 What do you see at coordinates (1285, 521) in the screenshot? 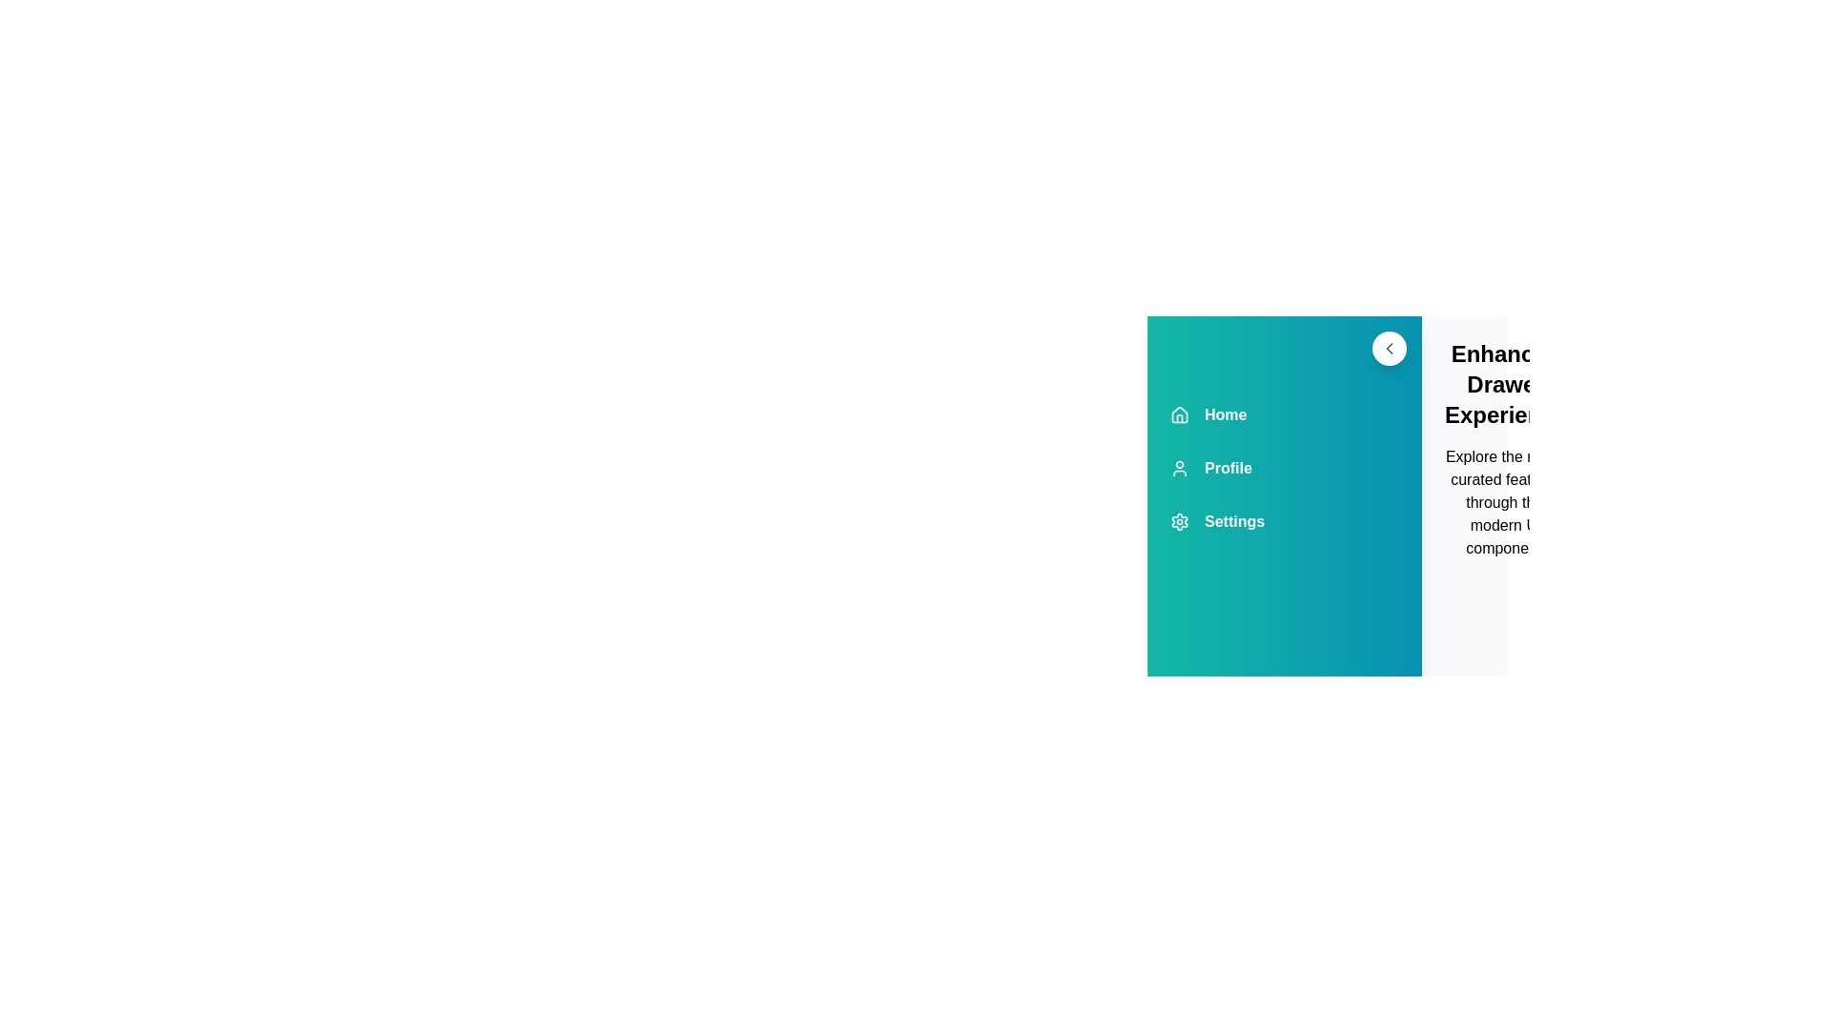
I see `the Settings navigation item in the drawer` at bounding box center [1285, 521].